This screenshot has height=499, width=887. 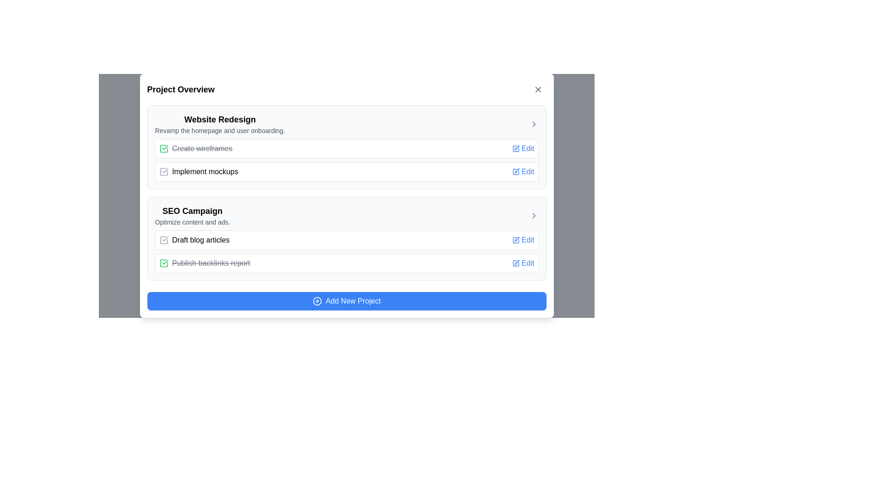 I want to click on the checkbox with a light gray border and a filled checkmark design, located to the left of the text 'Draft blog articles' in the 'SEO Campaign' section, so click(x=164, y=240).